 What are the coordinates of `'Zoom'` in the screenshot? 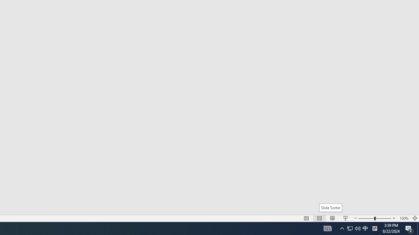 It's located at (374, 218).